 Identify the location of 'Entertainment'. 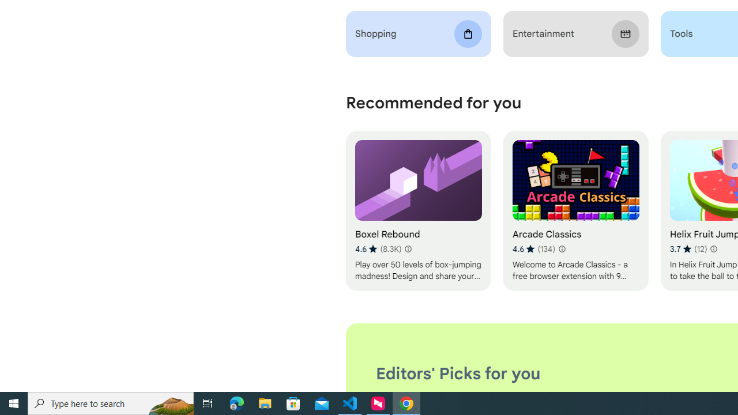
(575, 33).